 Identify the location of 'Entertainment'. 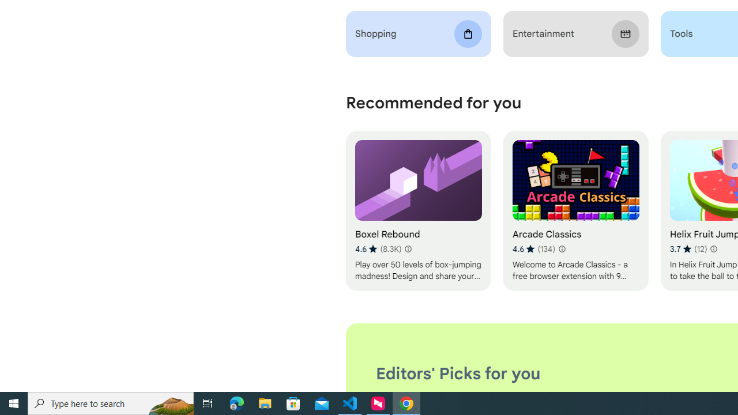
(575, 33).